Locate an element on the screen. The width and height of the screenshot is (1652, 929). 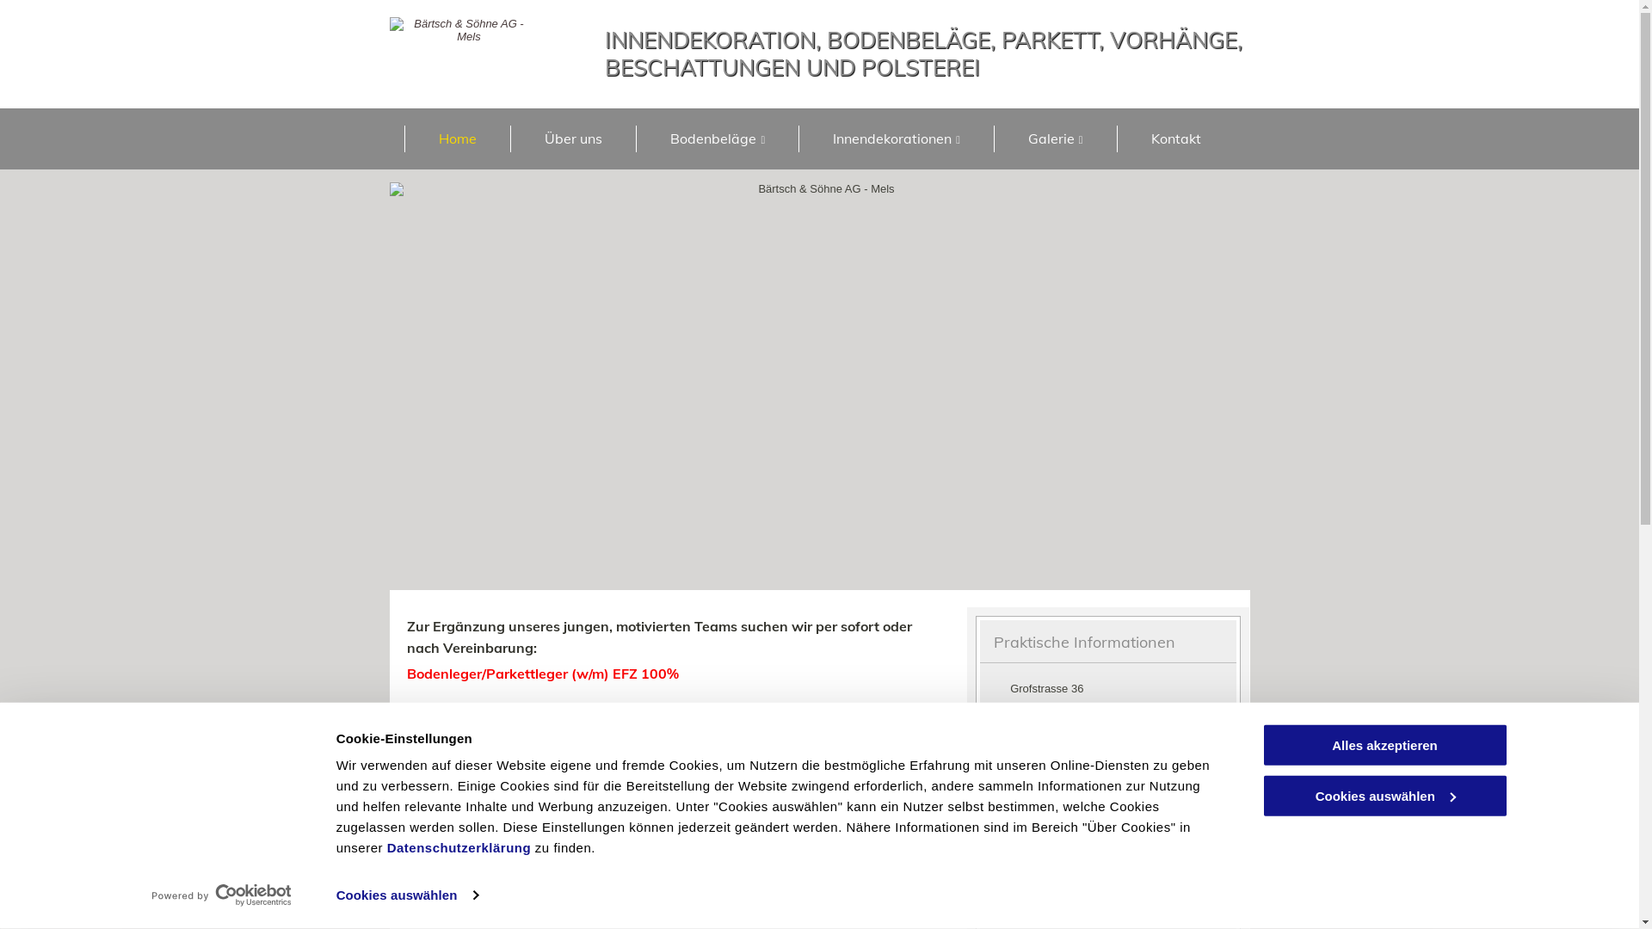
'Kontaktaufnahme' is located at coordinates (735, 834).